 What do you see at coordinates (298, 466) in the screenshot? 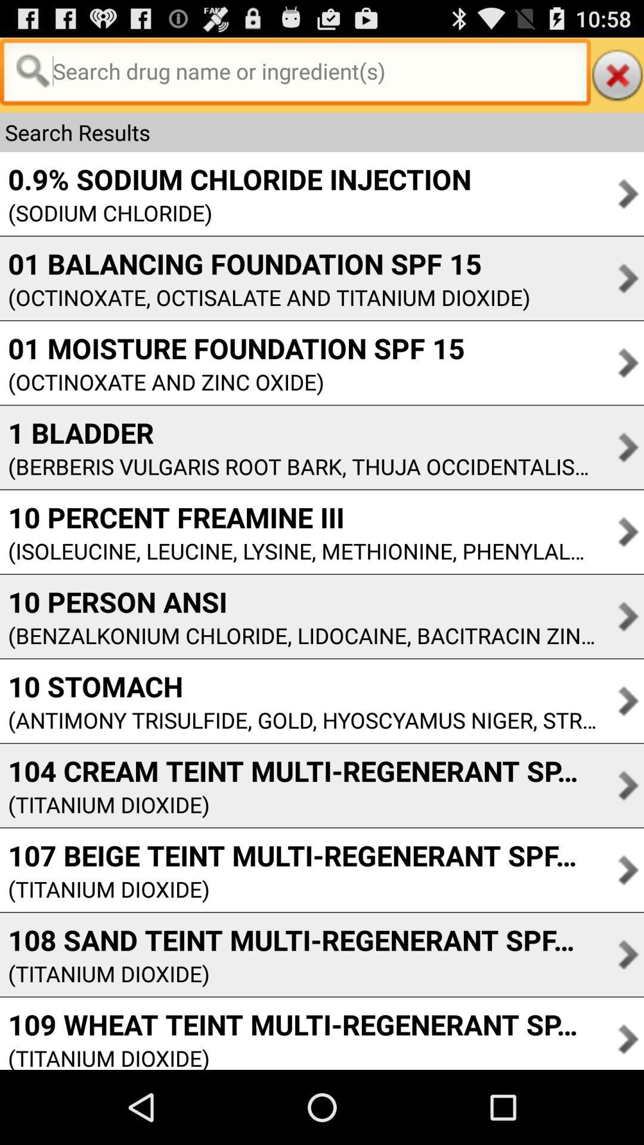
I see `berberis vulgaris root` at bounding box center [298, 466].